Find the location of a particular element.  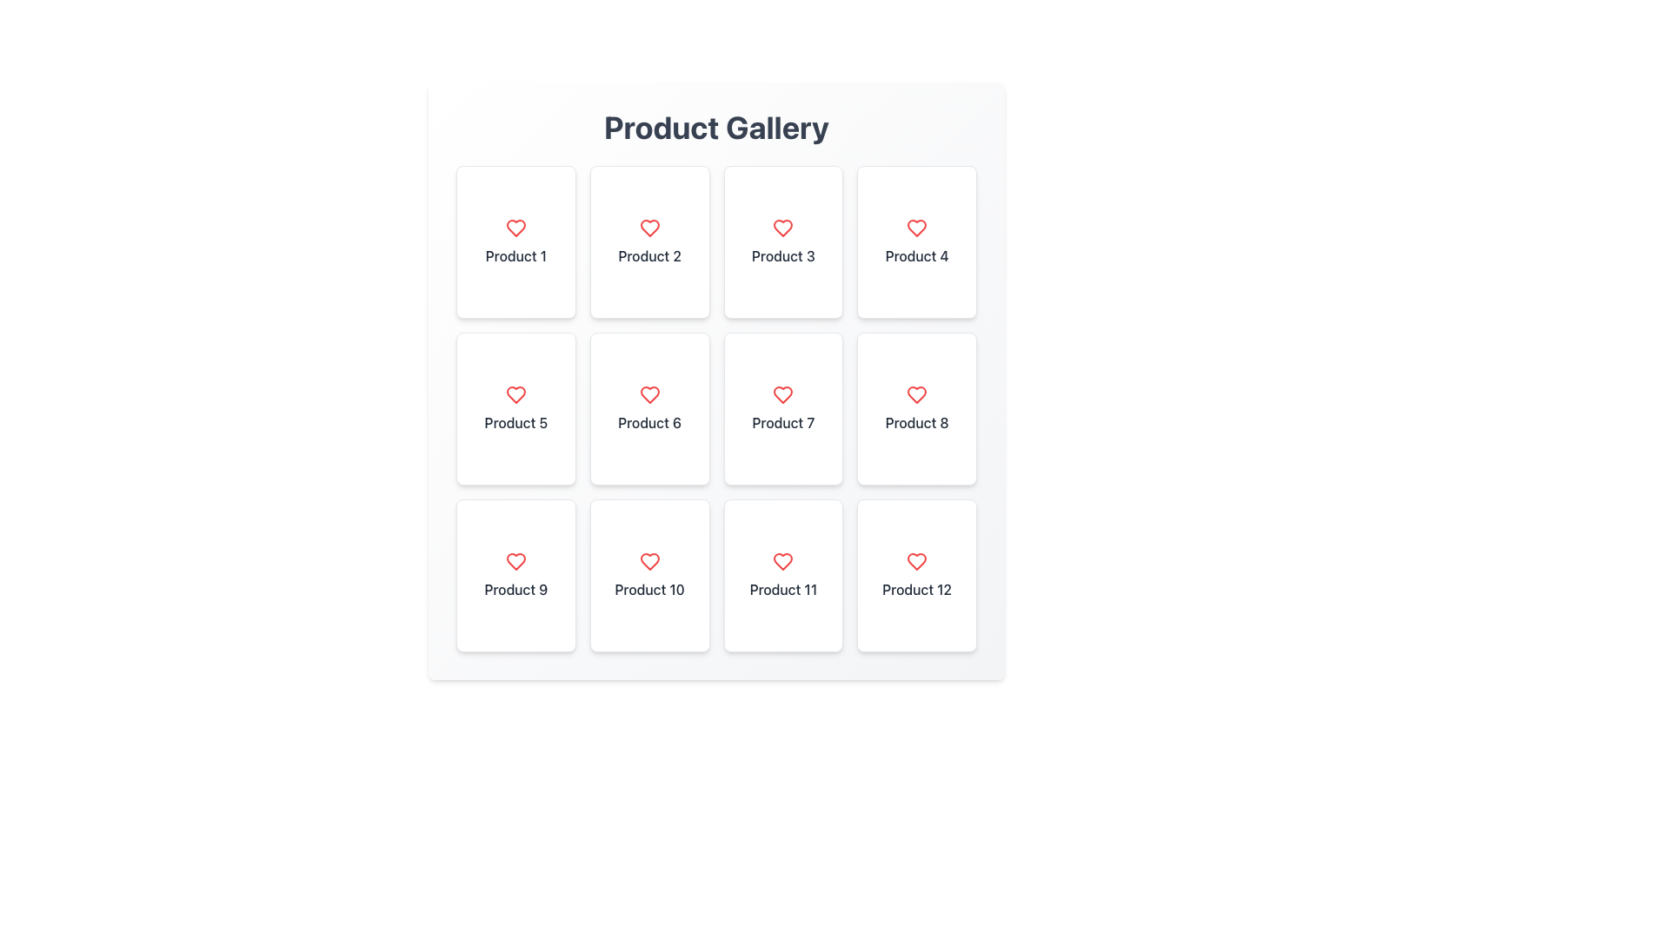

the Card element, which features a shadowed white background, rounded borders, a red heart icon, and the centered text 'Product 12'. It is positioned as the last element in a 4x3 grid layout is located at coordinates (916, 576).